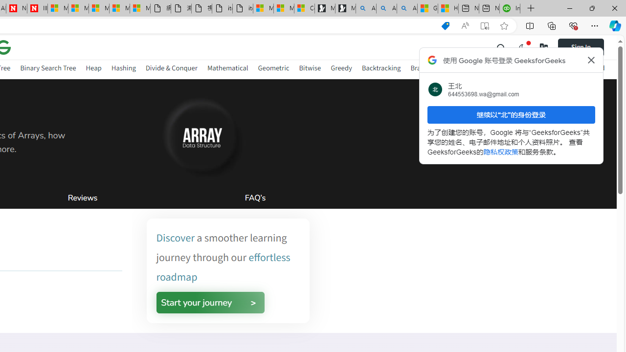 The image size is (626, 352). I want to click on 'Geometric', so click(273, 69).